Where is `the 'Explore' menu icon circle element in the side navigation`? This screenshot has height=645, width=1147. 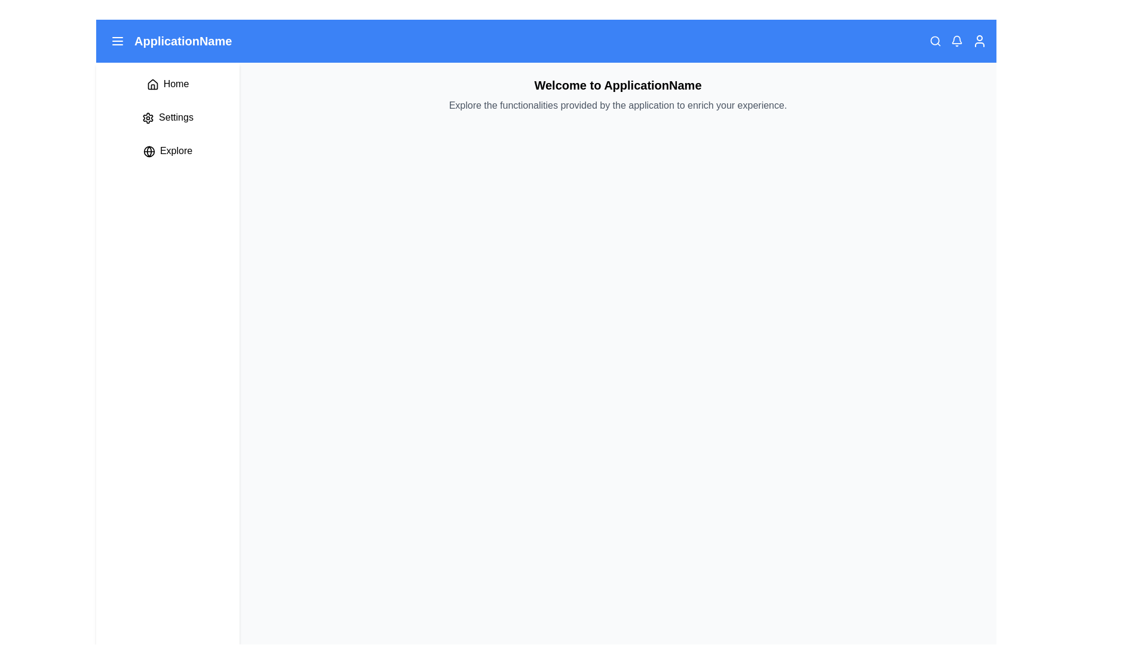 the 'Explore' menu icon circle element in the side navigation is located at coordinates (148, 150).